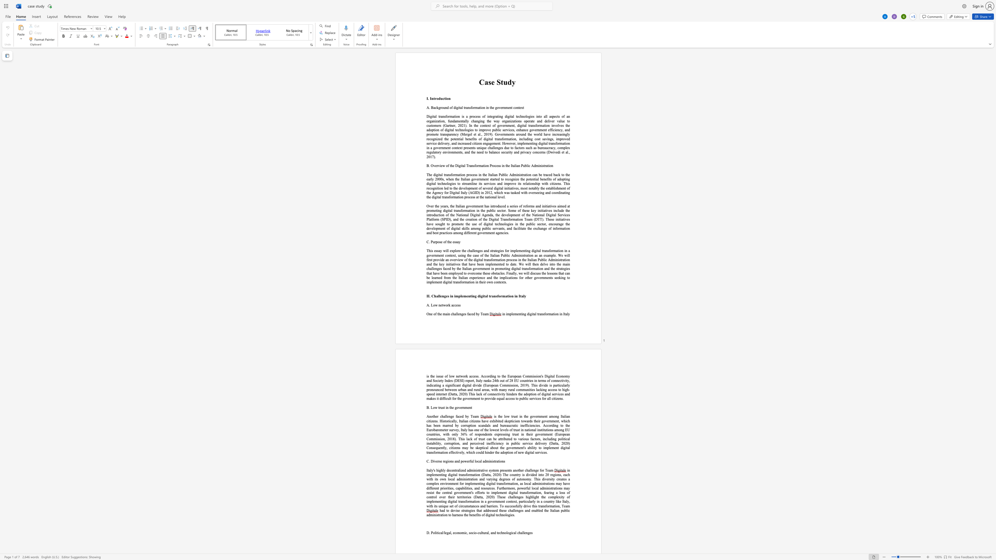 This screenshot has height=560, width=996. I want to click on the space between the continuous character "o" and "f" in the text, so click(447, 165).